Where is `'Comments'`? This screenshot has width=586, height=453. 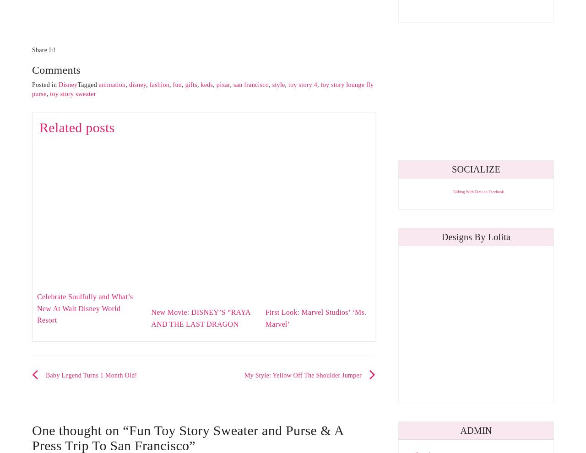 'Comments' is located at coordinates (32, 70).